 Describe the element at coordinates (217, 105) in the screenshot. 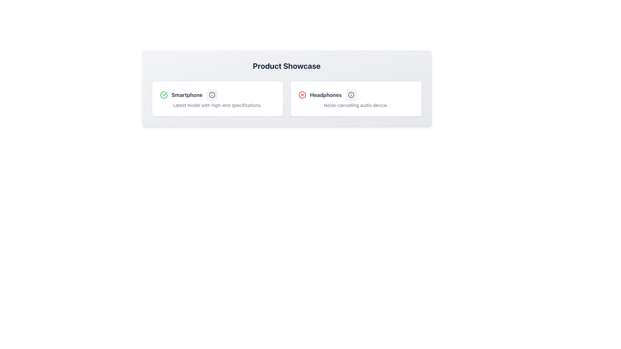

I see `the static text label displaying 'Latest model with high-end specifications.' located below the bolded heading 'Smartphone' within the highlighted rectangular card` at that location.